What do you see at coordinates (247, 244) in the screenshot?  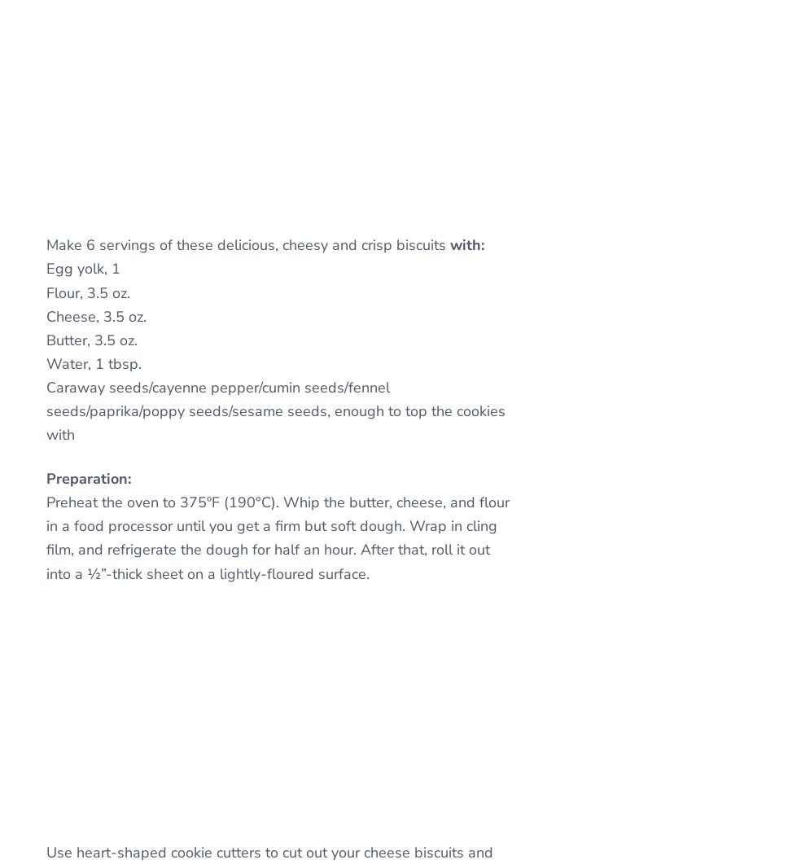 I see `'Make 6 servings of these delicious, cheesy and crisp biscuits'` at bounding box center [247, 244].